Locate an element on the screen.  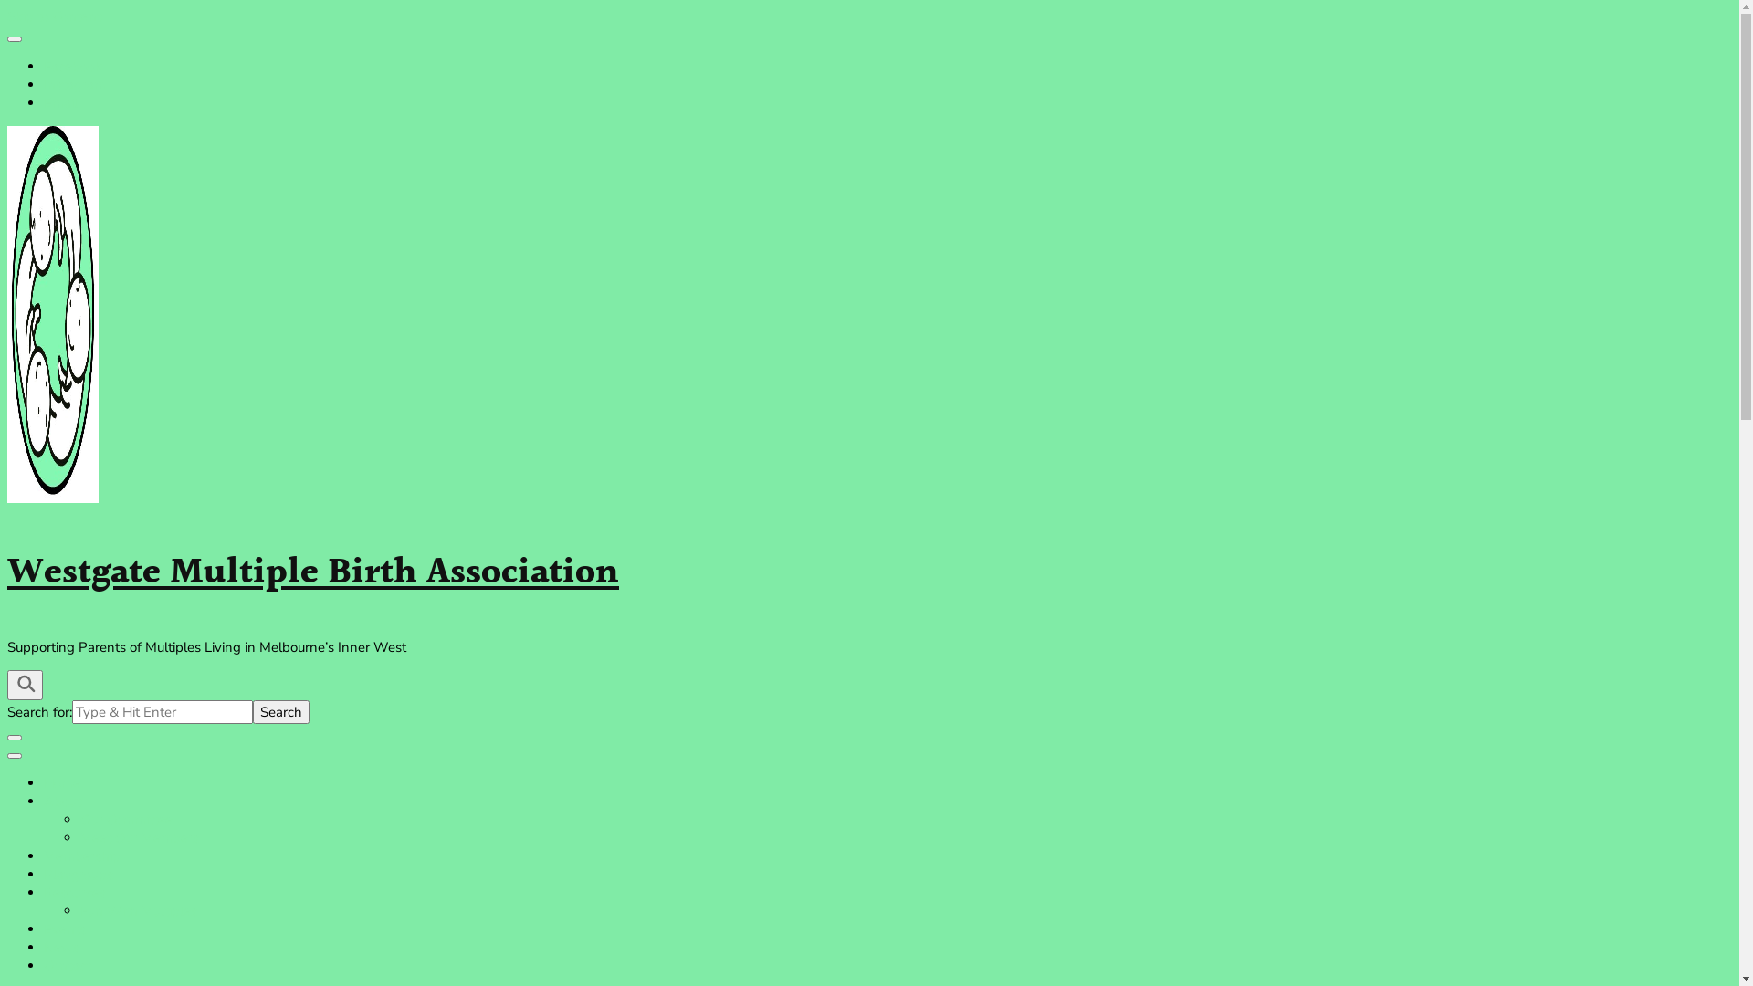
'Our Committee' is located at coordinates (125, 819).